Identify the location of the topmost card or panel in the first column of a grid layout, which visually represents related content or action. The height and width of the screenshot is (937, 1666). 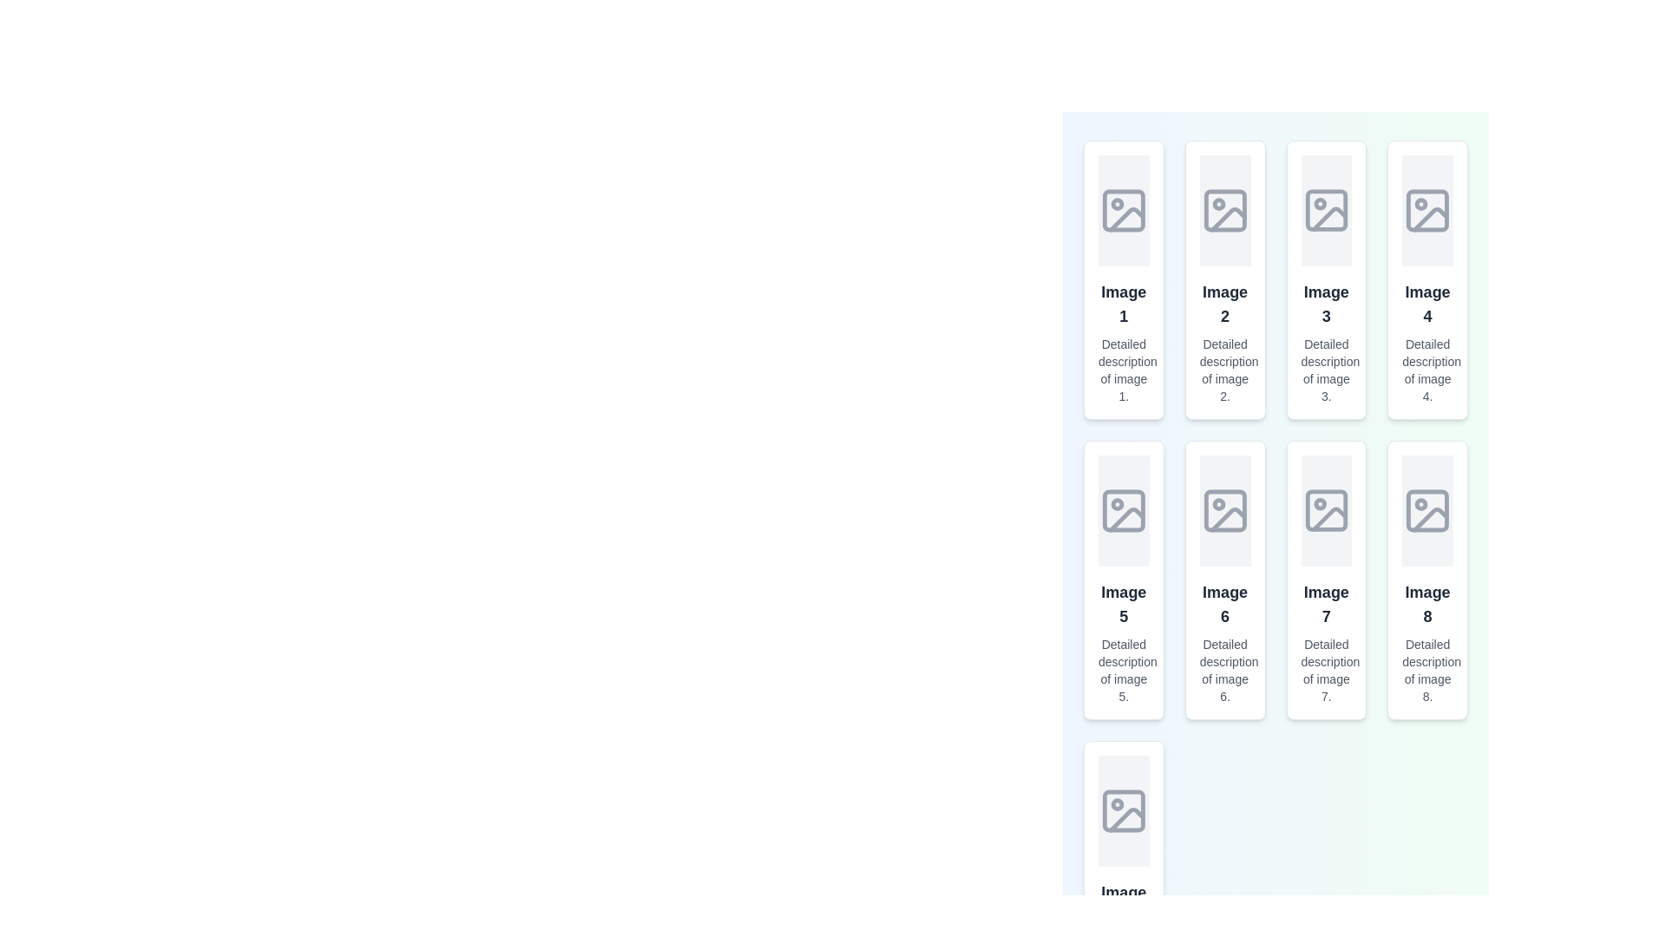
(1124, 279).